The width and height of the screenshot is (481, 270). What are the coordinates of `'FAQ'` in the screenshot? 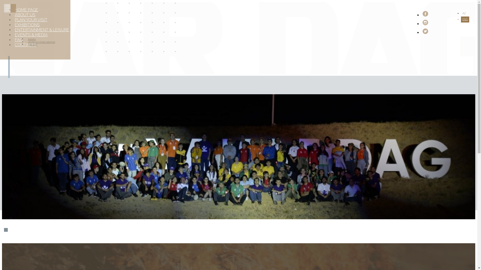 It's located at (19, 39).